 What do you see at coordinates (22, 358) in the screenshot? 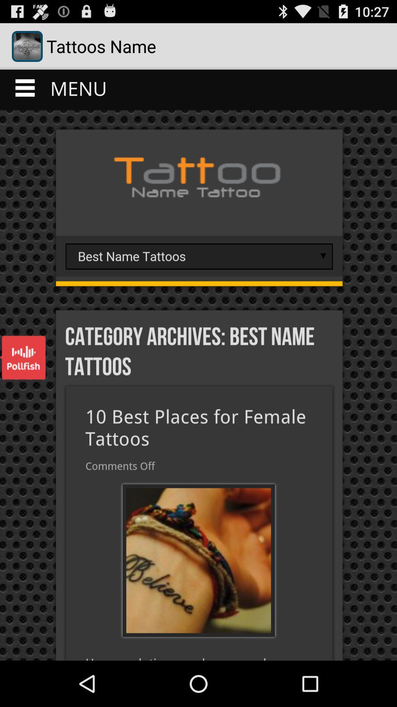
I see `polfish advertisement` at bounding box center [22, 358].